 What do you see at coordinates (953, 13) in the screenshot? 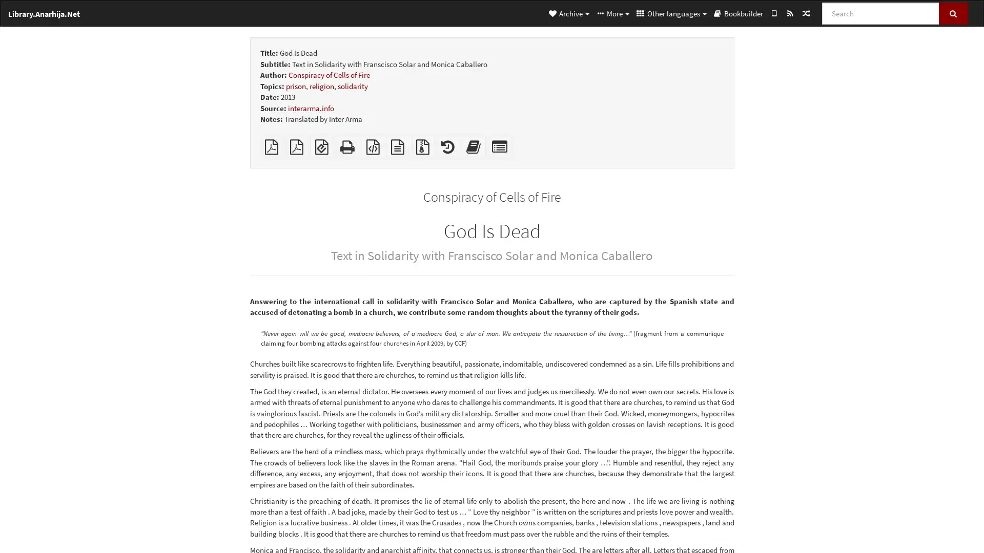
I see `Search` at bounding box center [953, 13].